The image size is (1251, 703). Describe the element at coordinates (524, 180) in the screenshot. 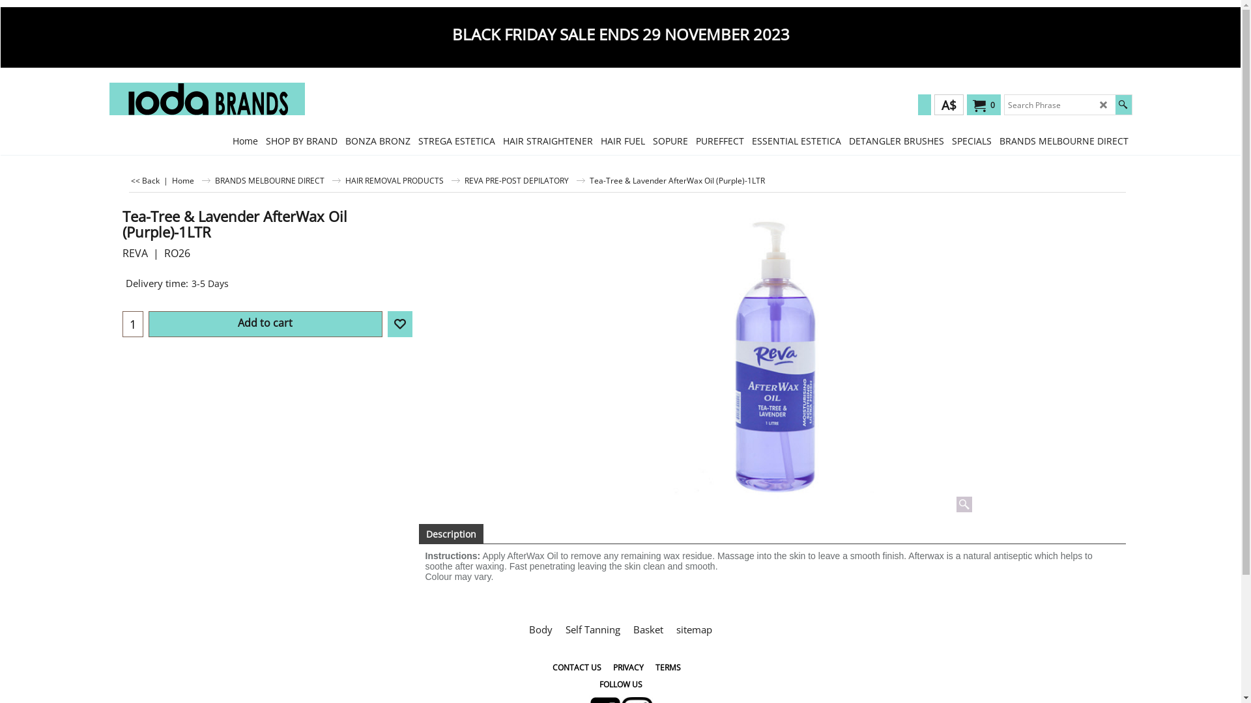

I see `'REVA PRE-POST DEPILATORY'` at that location.